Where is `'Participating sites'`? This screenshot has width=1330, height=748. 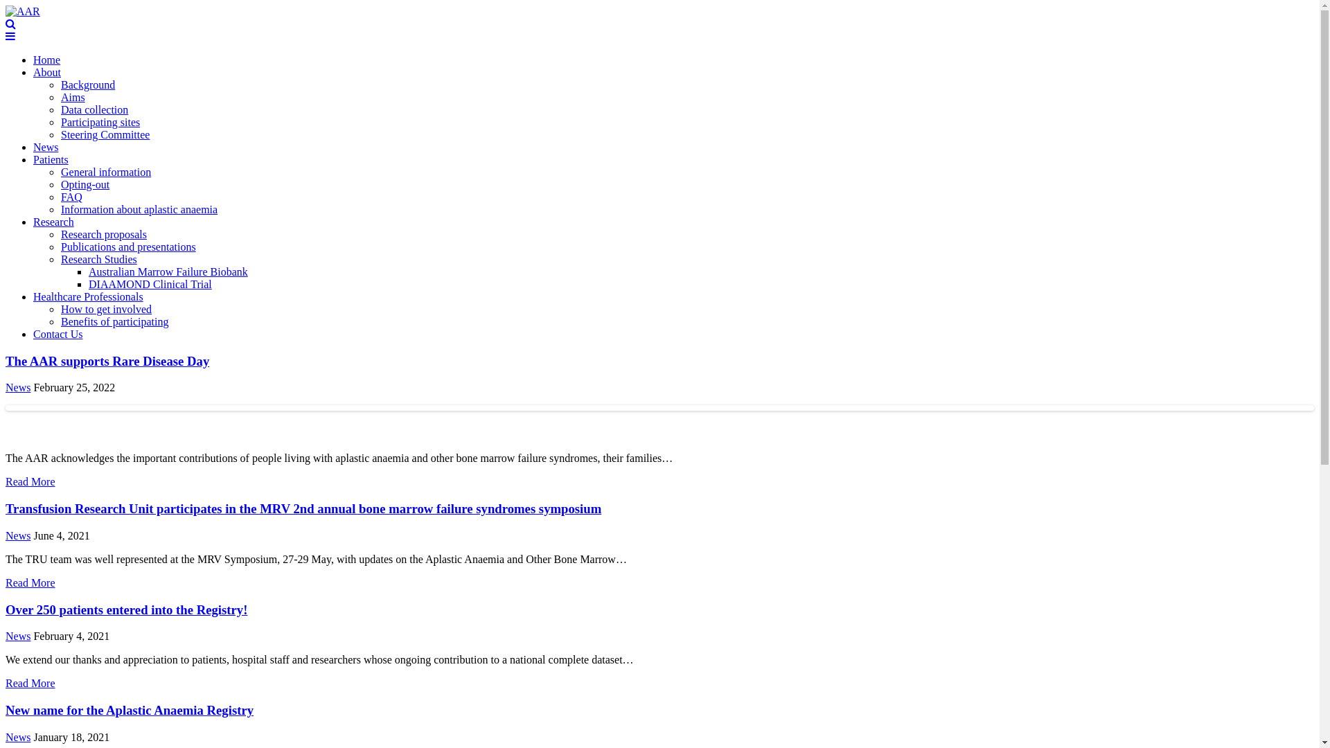
'Participating sites' is located at coordinates (99, 121).